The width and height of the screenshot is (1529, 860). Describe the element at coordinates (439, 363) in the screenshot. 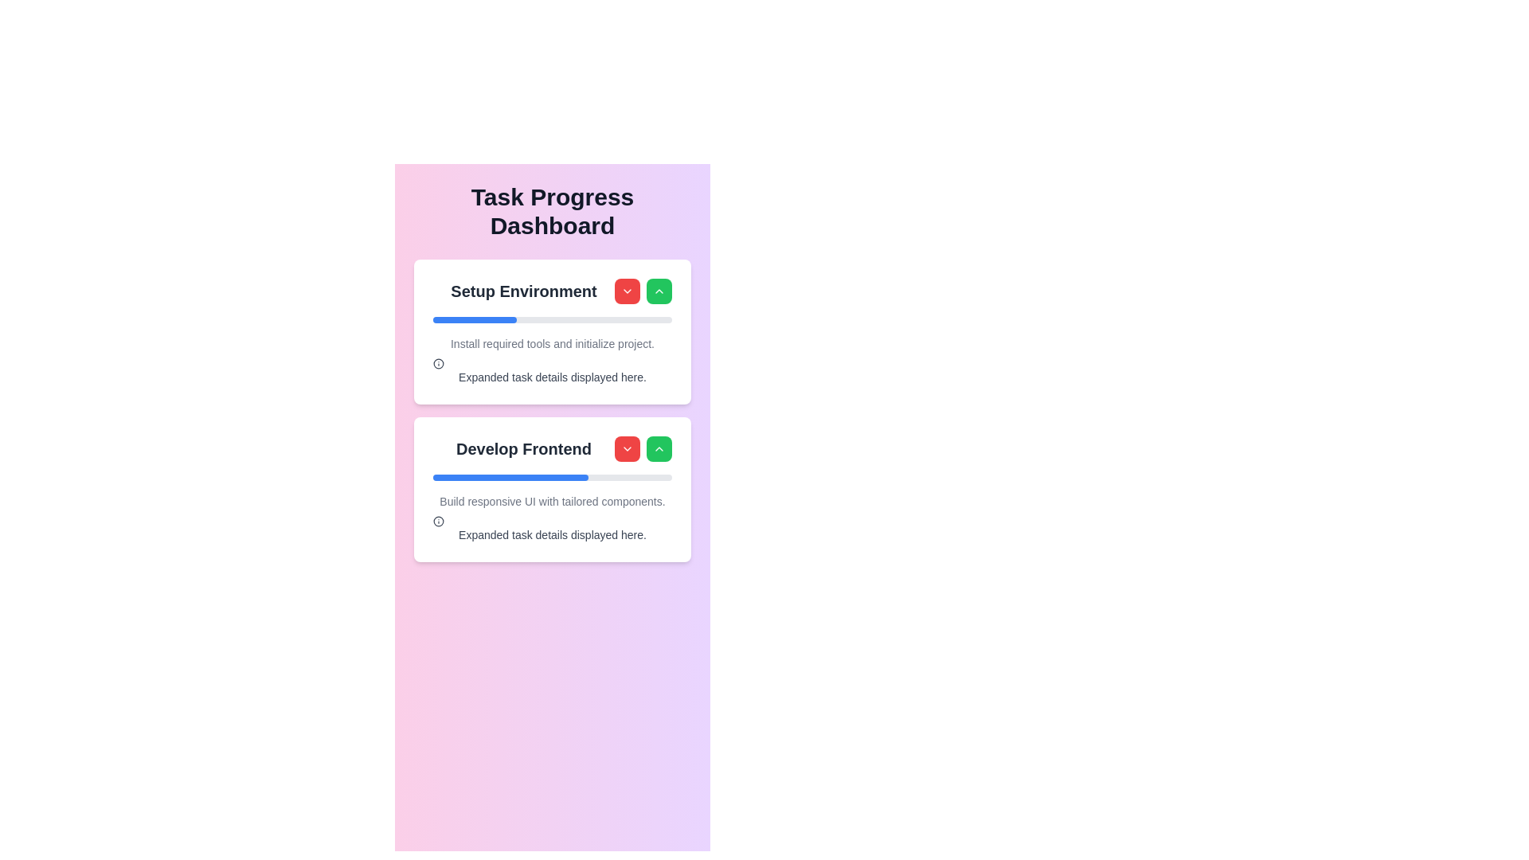

I see `the icon located to the left of the text 'Expanded task details displayed here.' in the 'Setup Environment' section` at that location.